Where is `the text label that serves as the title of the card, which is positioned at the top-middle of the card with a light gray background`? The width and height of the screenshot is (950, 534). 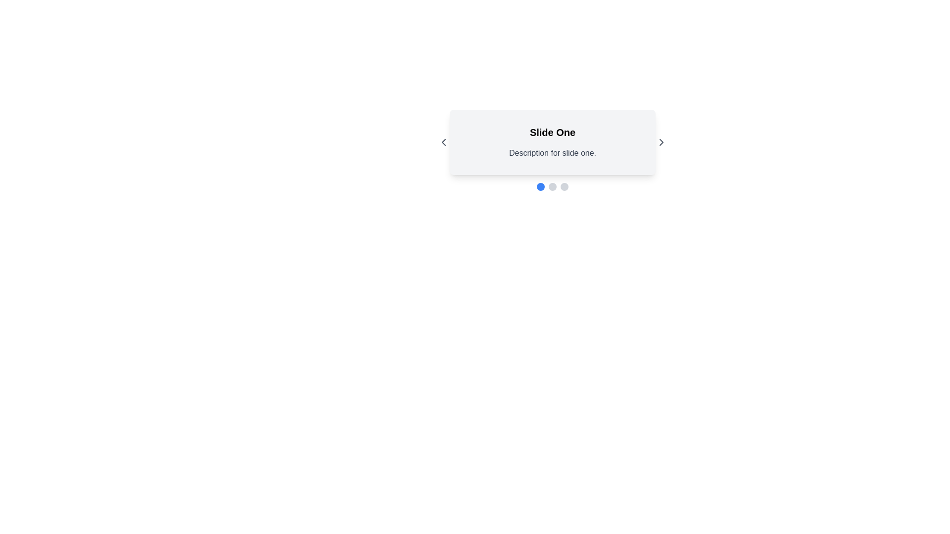
the text label that serves as the title of the card, which is positioned at the top-middle of the card with a light gray background is located at coordinates (552, 132).